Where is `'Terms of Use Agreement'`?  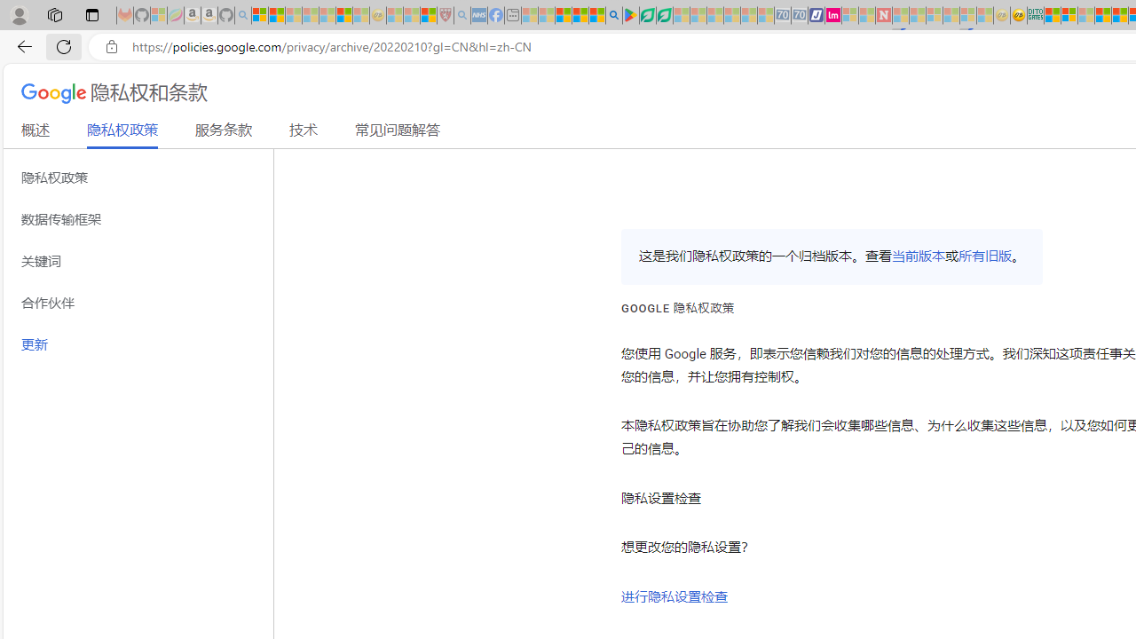 'Terms of Use Agreement' is located at coordinates (646, 15).